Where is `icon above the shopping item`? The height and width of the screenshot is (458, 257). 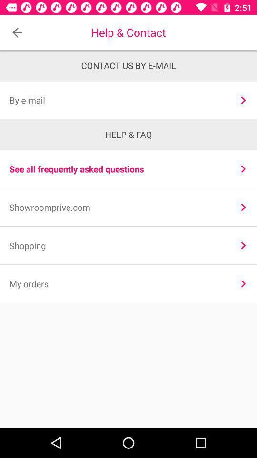
icon above the shopping item is located at coordinates (243, 207).